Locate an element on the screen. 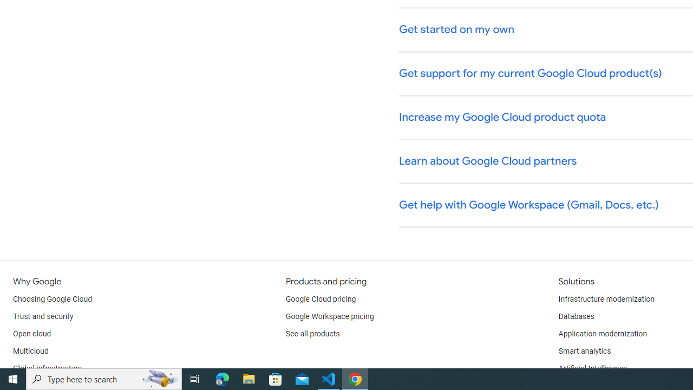 The width and height of the screenshot is (693, 390). 'Trust and security' is located at coordinates (43, 317).